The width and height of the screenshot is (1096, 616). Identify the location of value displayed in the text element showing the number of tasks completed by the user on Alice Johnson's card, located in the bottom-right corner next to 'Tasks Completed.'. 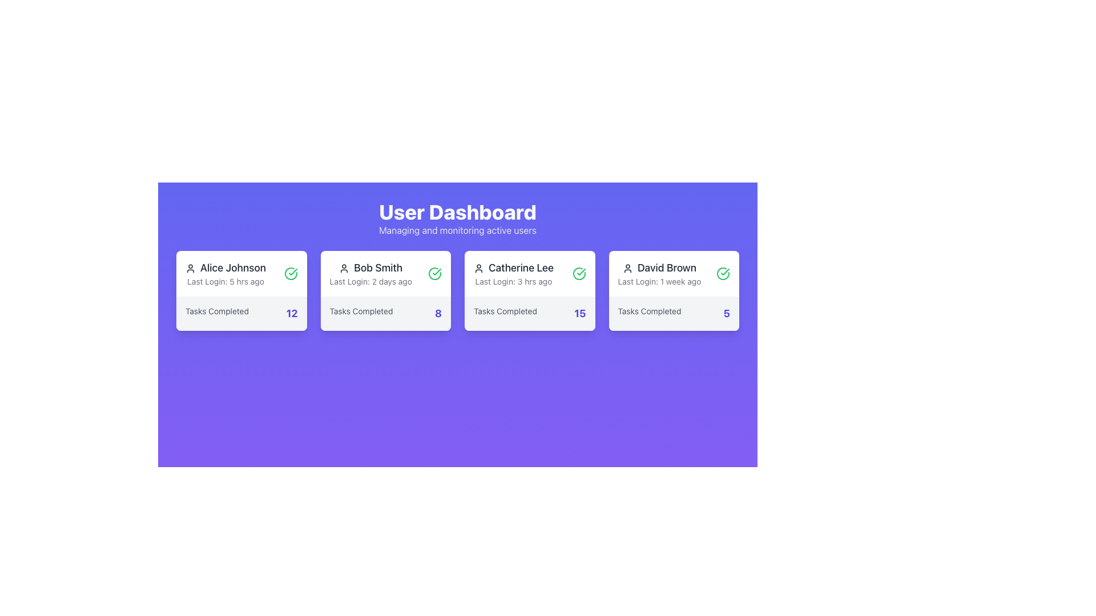
(292, 314).